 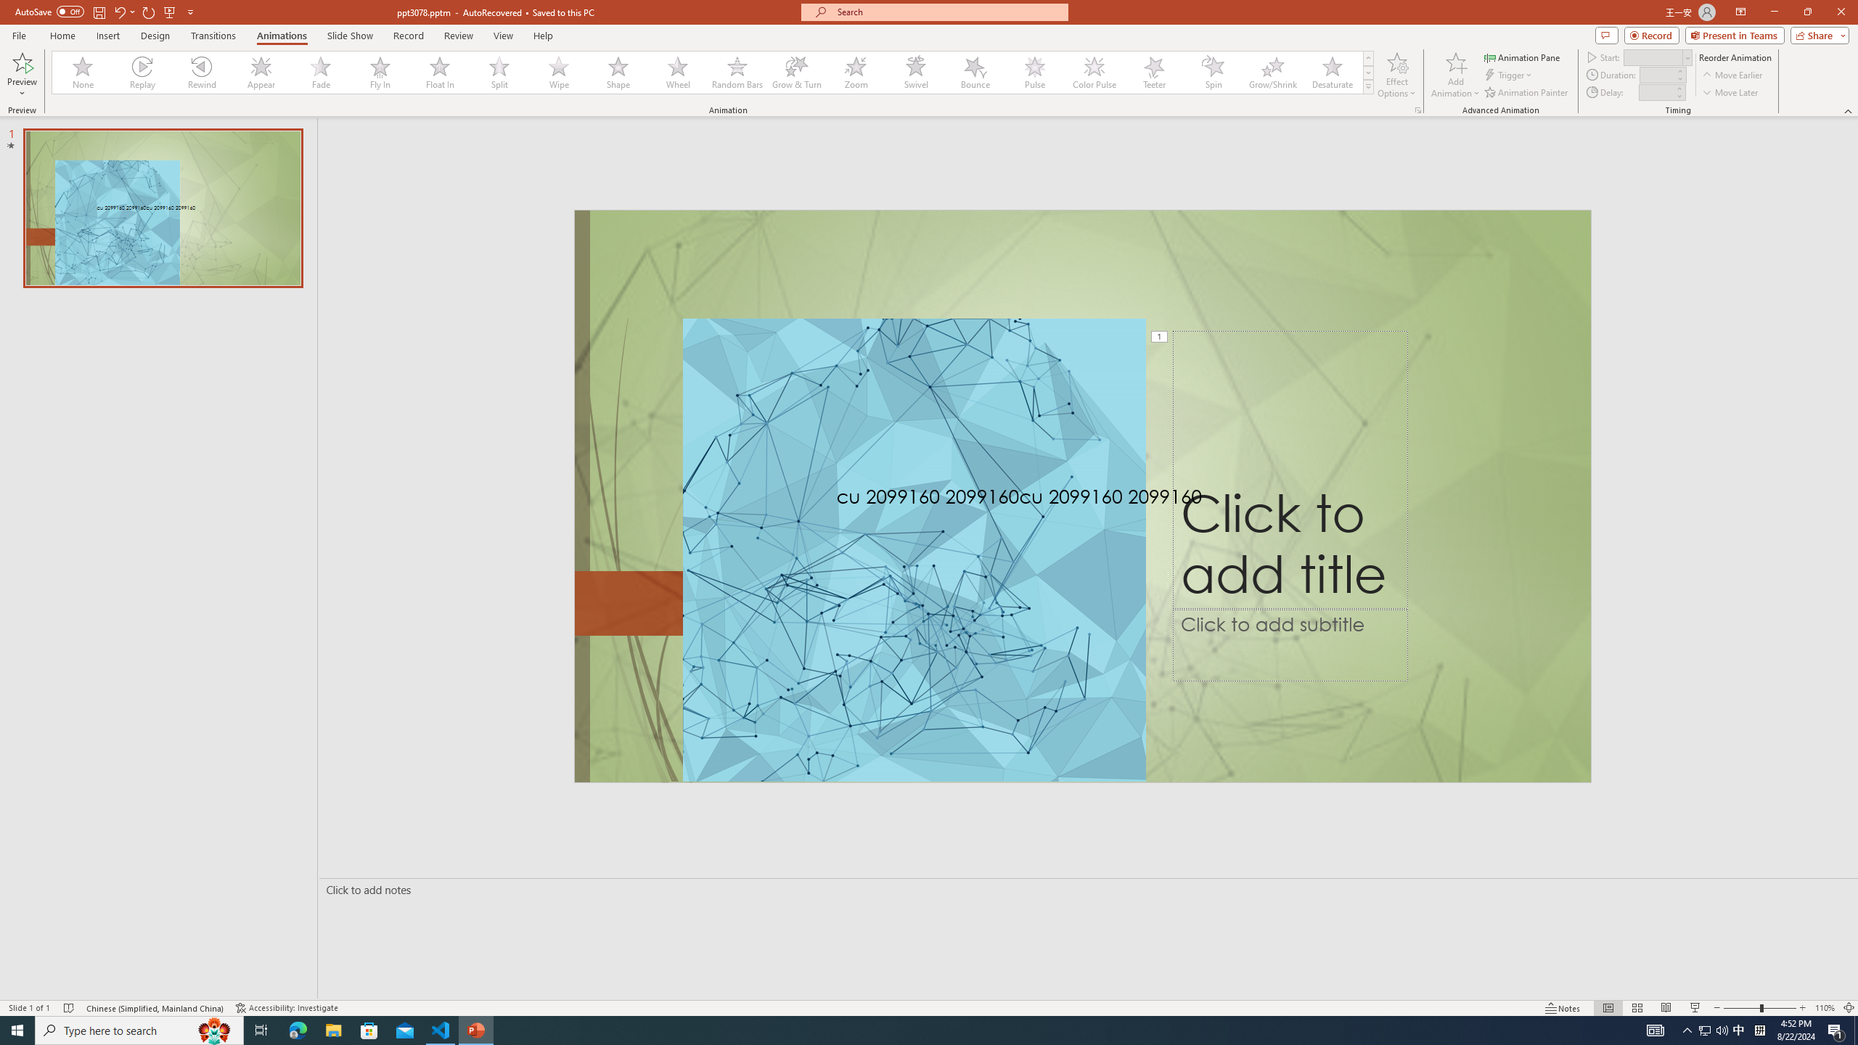 What do you see at coordinates (380, 72) in the screenshot?
I see `'Fly In'` at bounding box center [380, 72].